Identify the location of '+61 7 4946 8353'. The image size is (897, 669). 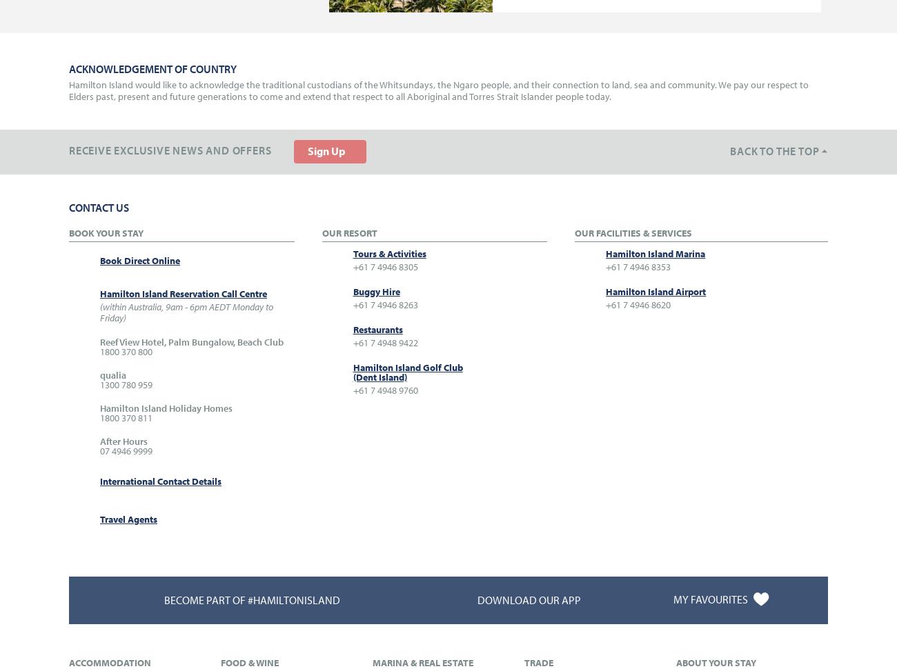
(638, 265).